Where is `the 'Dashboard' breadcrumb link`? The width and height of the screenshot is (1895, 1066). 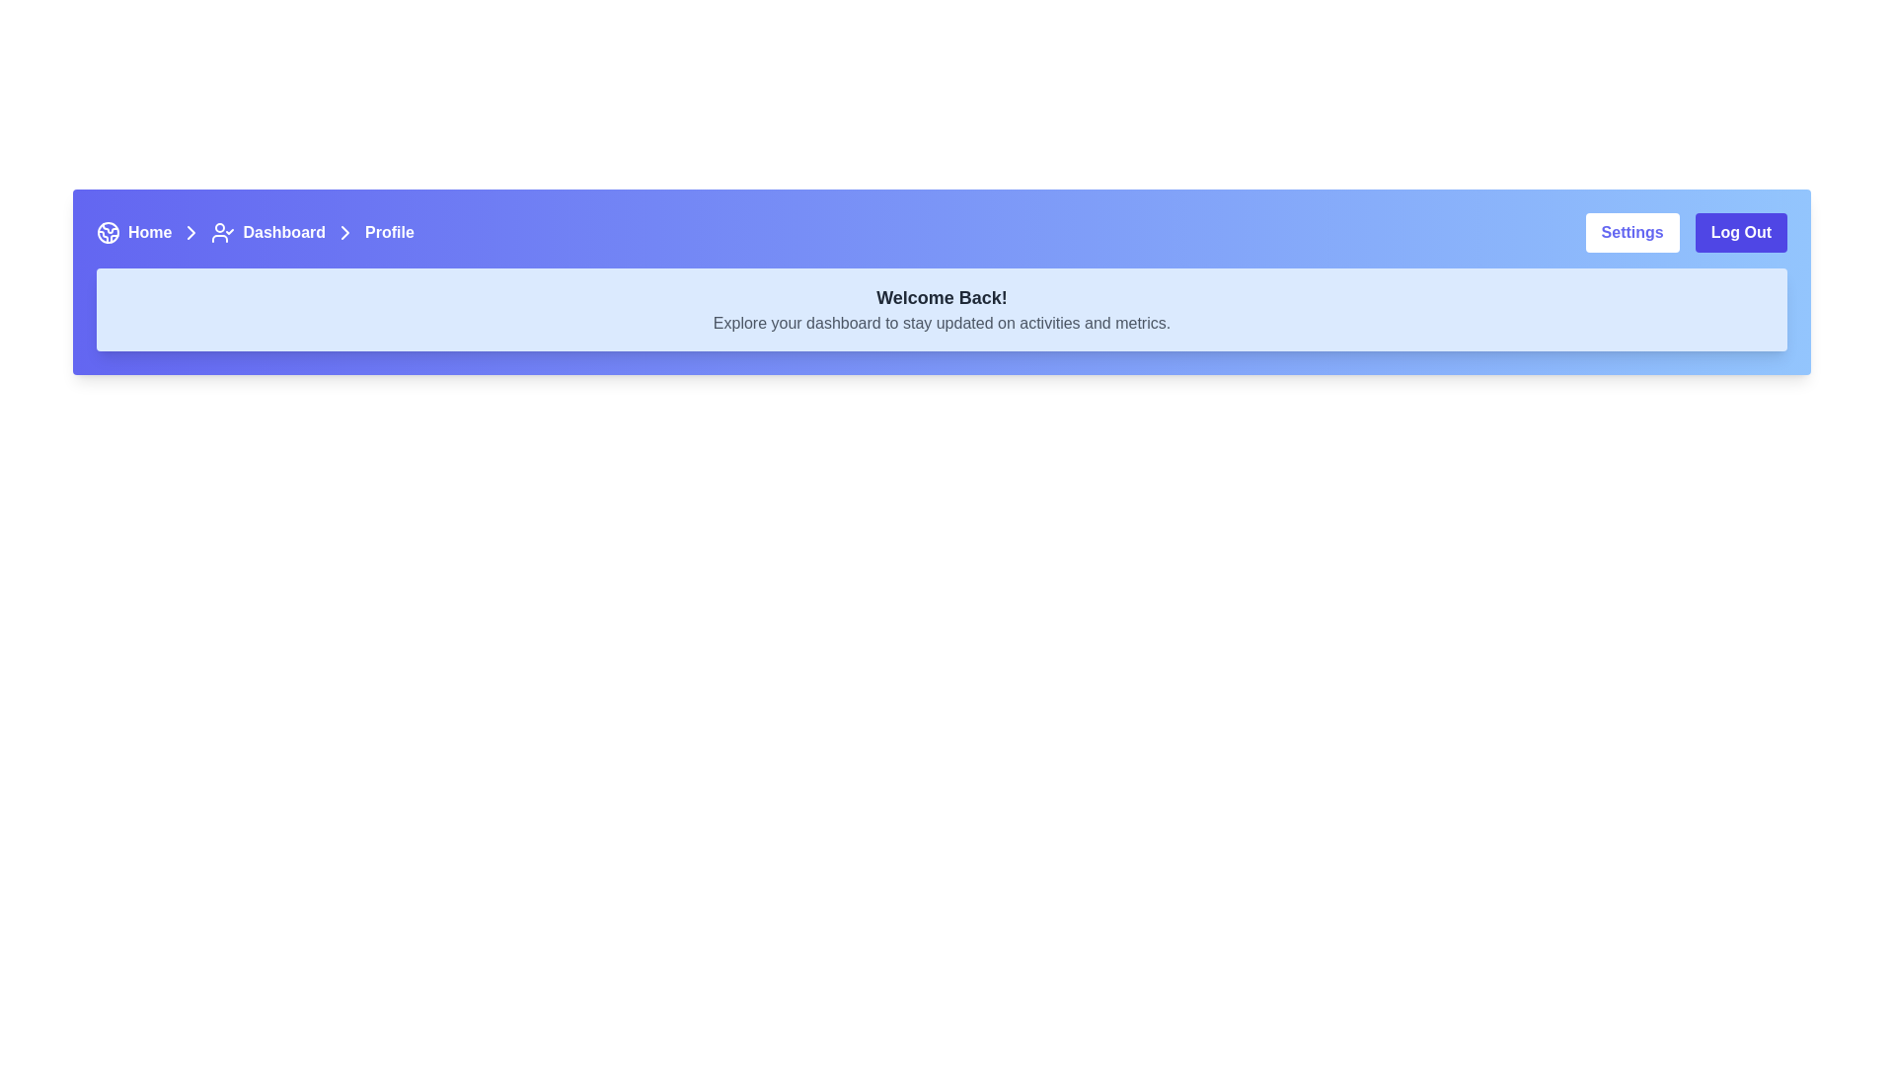 the 'Dashboard' breadcrumb link is located at coordinates (254, 231).